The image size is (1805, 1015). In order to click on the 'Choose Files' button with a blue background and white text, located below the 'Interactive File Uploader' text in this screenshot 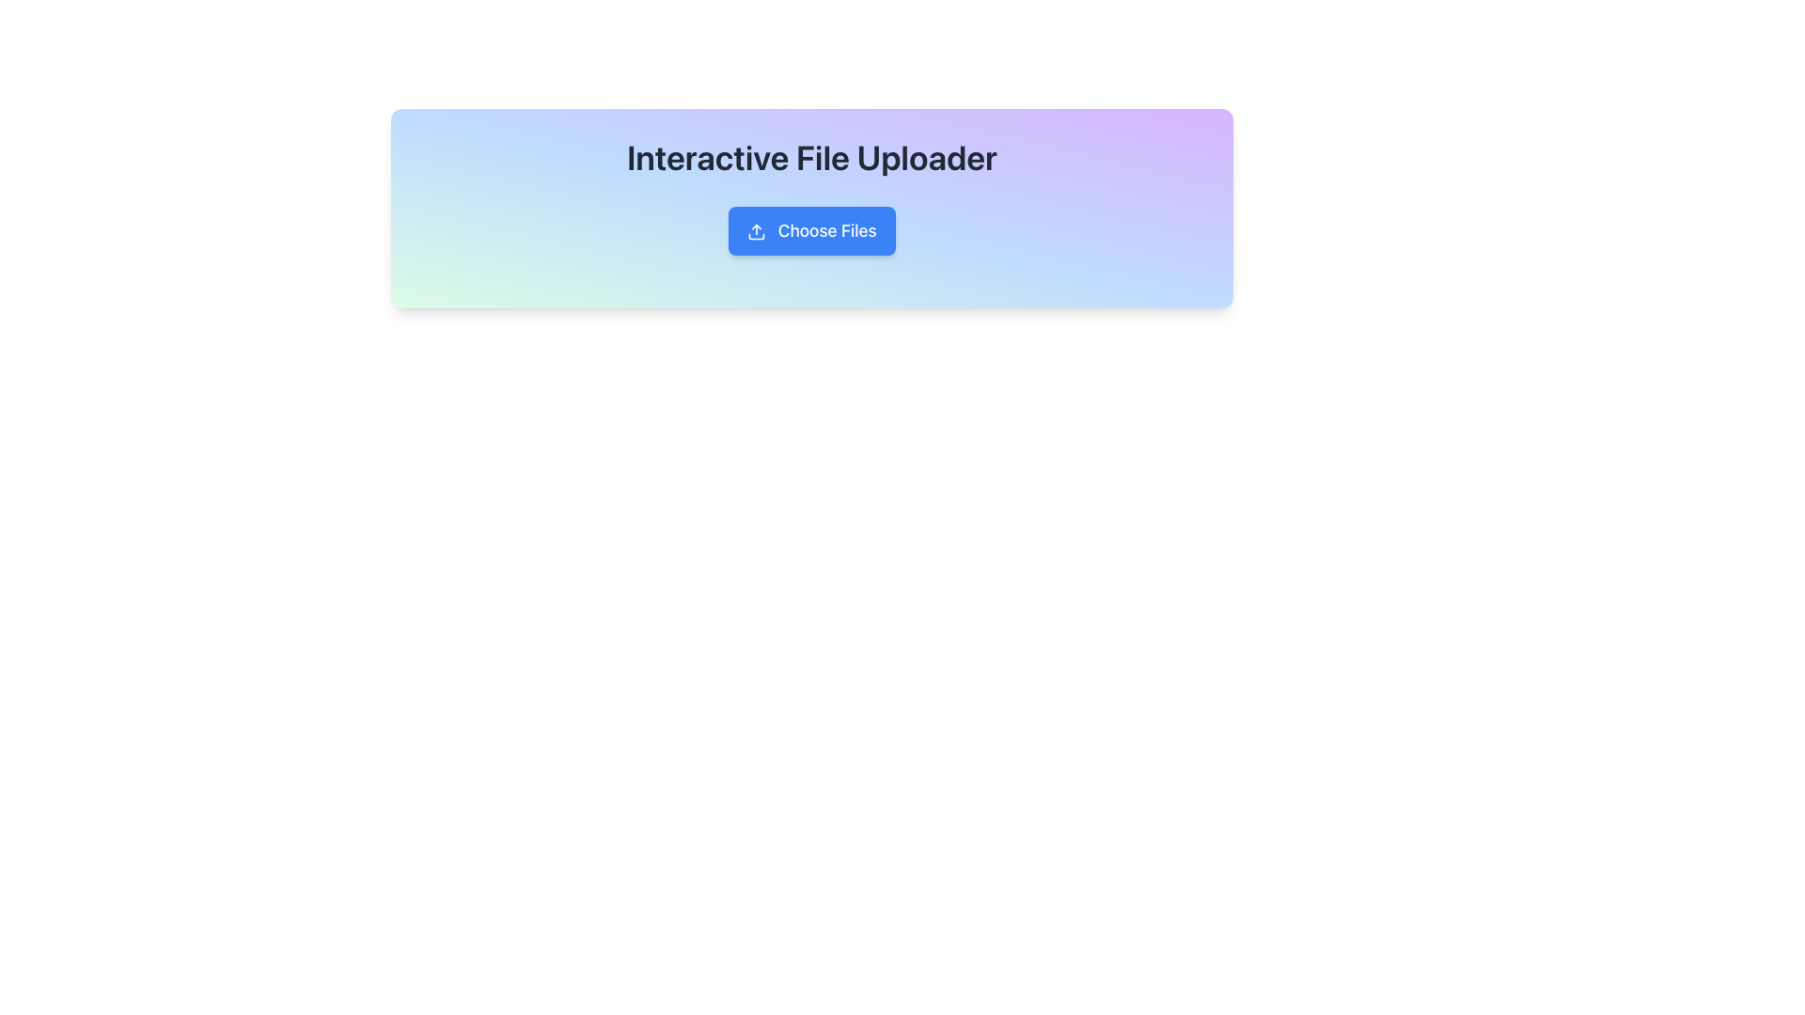, I will do `click(812, 230)`.